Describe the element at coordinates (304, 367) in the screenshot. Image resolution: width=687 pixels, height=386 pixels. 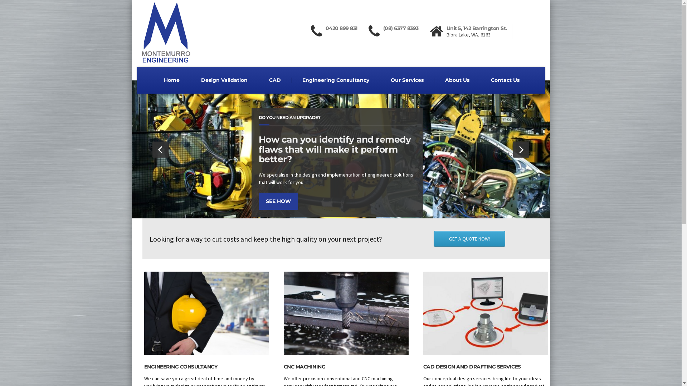
I see `'CNC MACHINING'` at that location.